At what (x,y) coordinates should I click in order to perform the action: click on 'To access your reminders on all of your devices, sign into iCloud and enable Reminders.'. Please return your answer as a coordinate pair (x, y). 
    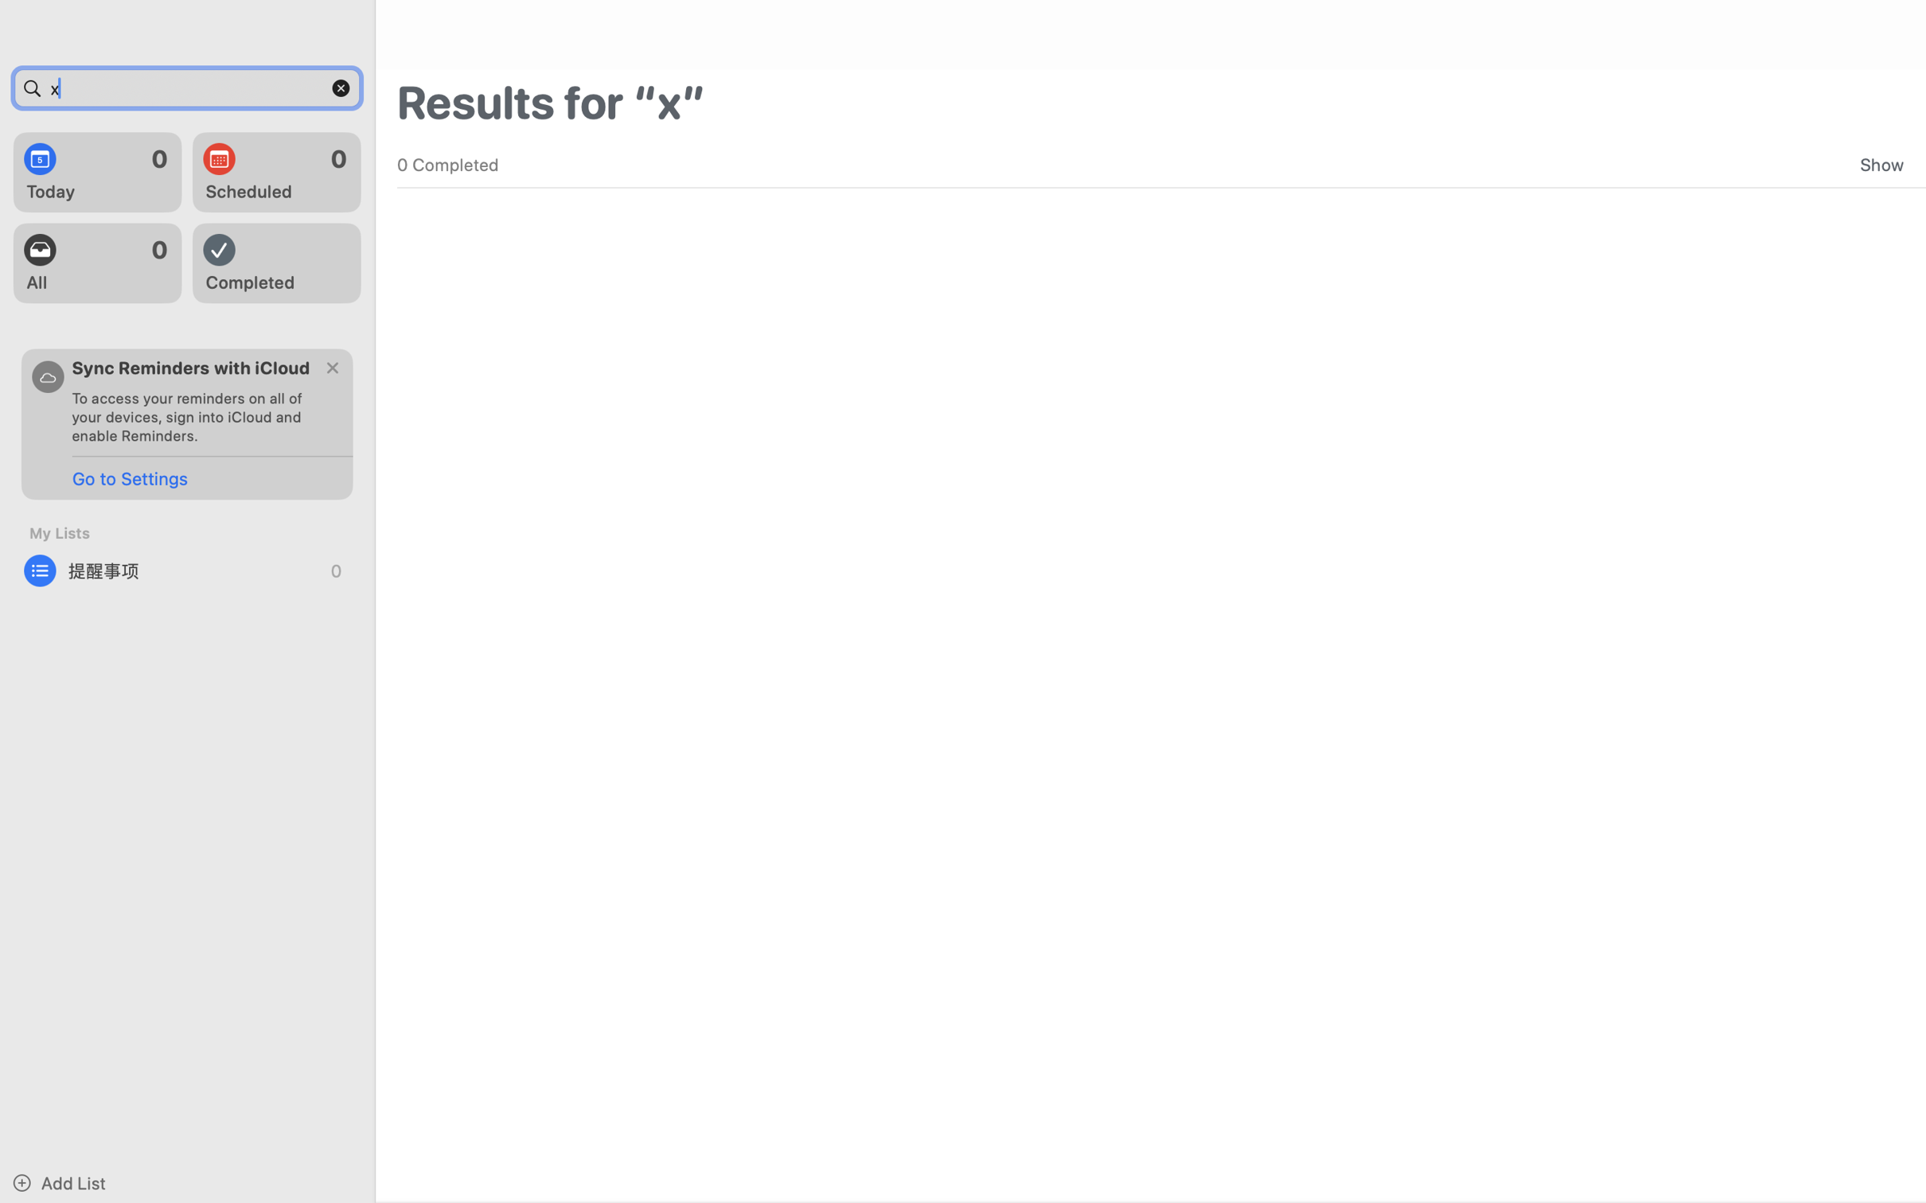
    Looking at the image, I should click on (193, 415).